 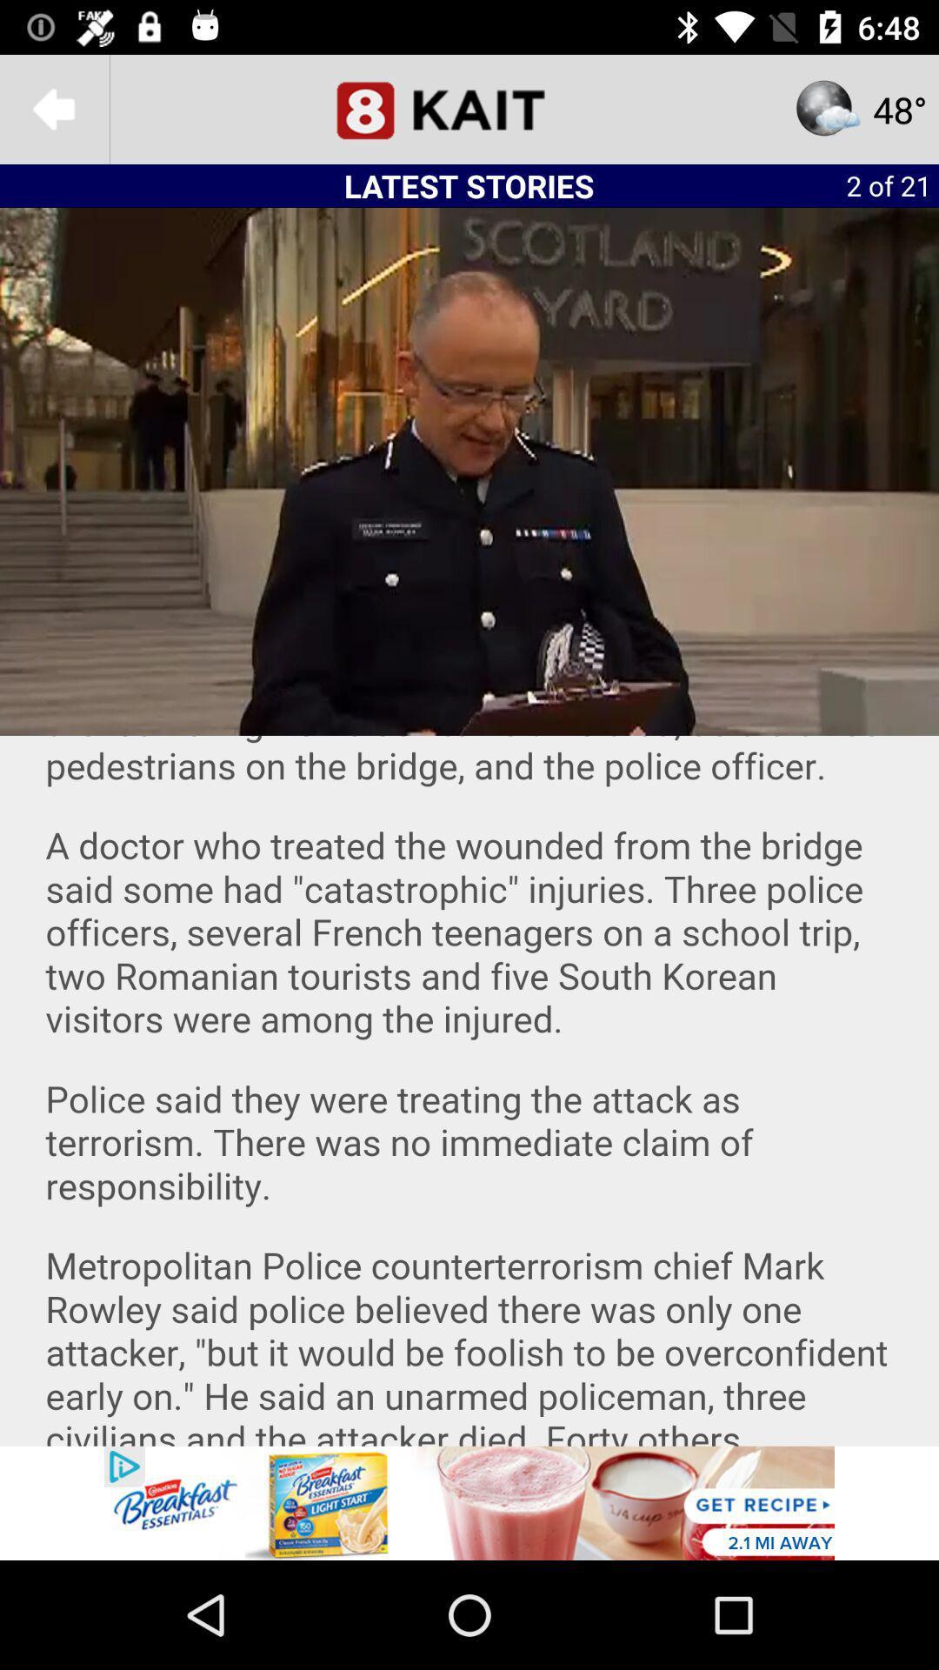 What do you see at coordinates (469, 1502) in the screenshot?
I see `open advertisement` at bounding box center [469, 1502].